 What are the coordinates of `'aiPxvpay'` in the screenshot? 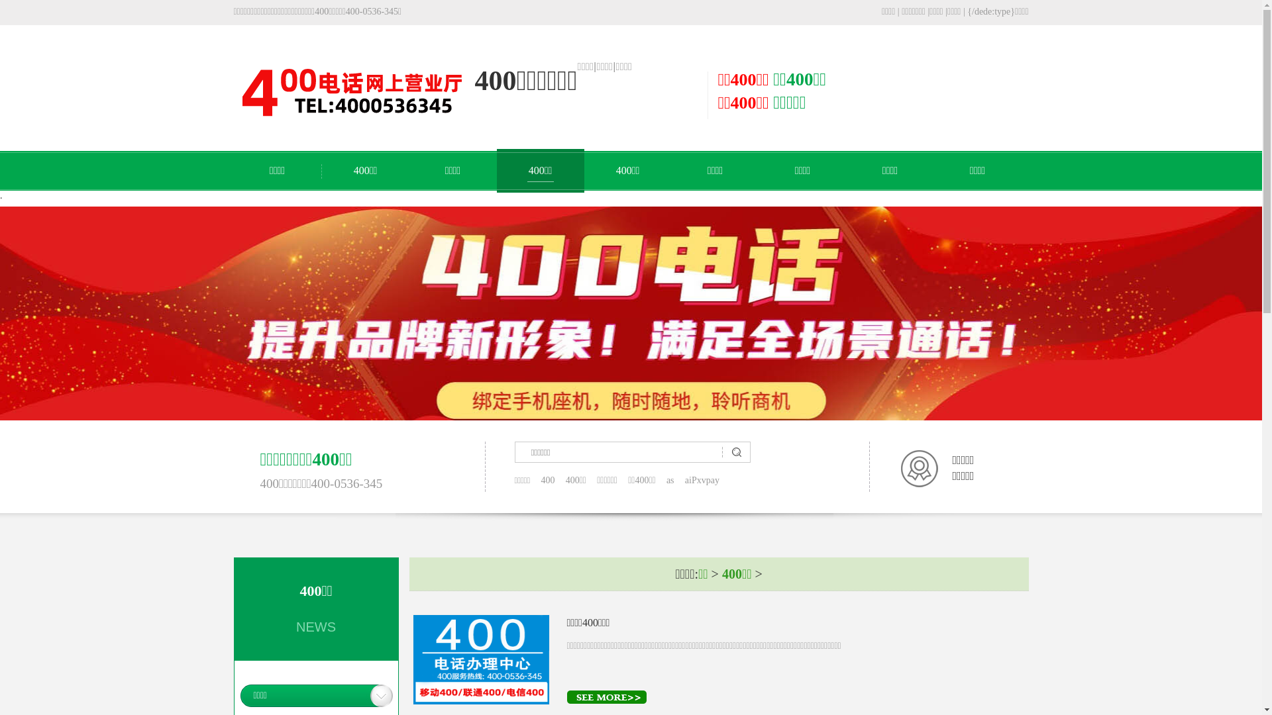 It's located at (702, 480).